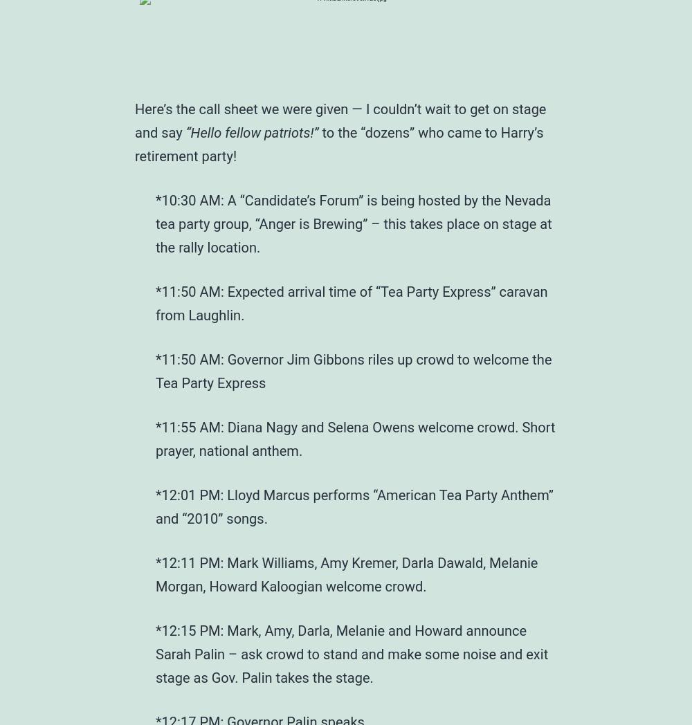  What do you see at coordinates (354, 370) in the screenshot?
I see `'*11:50 AM: Governor Jim Gibbons riles up crowd to welcome the Tea Party Express'` at bounding box center [354, 370].